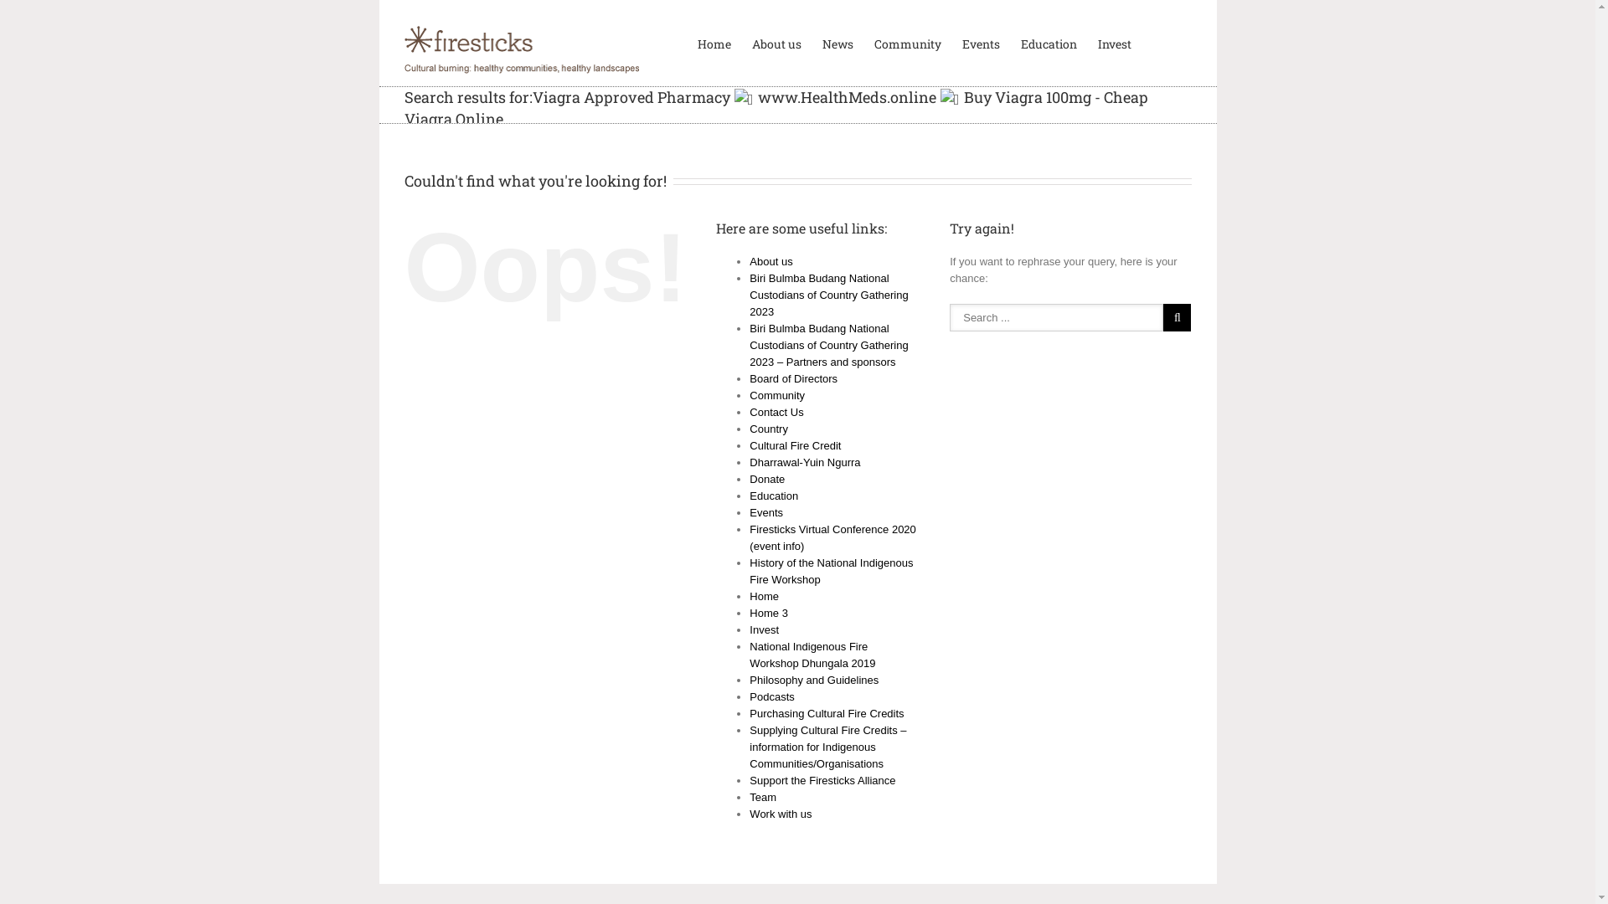 This screenshot has width=1608, height=904. What do you see at coordinates (767, 428) in the screenshot?
I see `'Country'` at bounding box center [767, 428].